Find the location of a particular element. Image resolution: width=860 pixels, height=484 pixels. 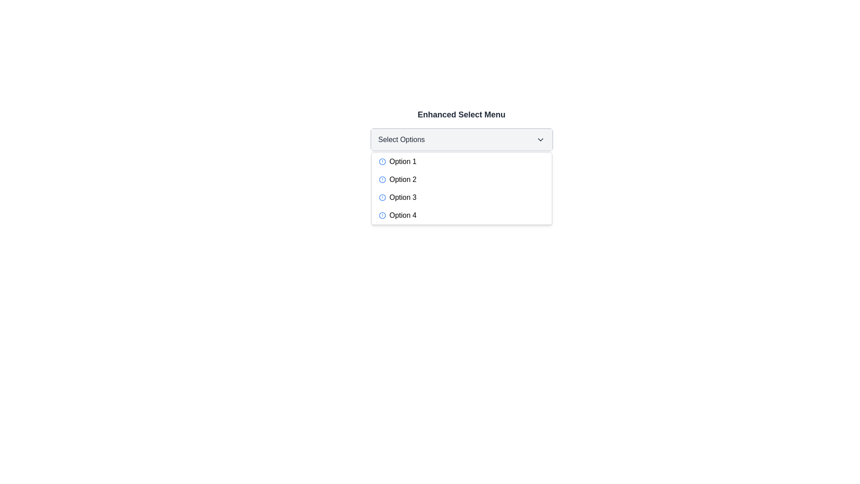

the fourth option in the dropdown menu is located at coordinates (461, 216).